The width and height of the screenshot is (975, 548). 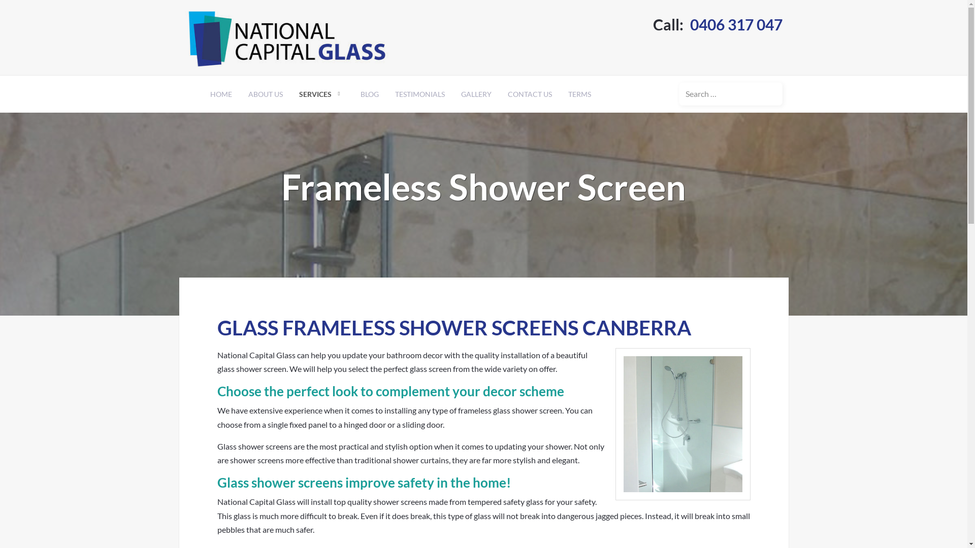 I want to click on 'CONTACT US', so click(x=529, y=94).